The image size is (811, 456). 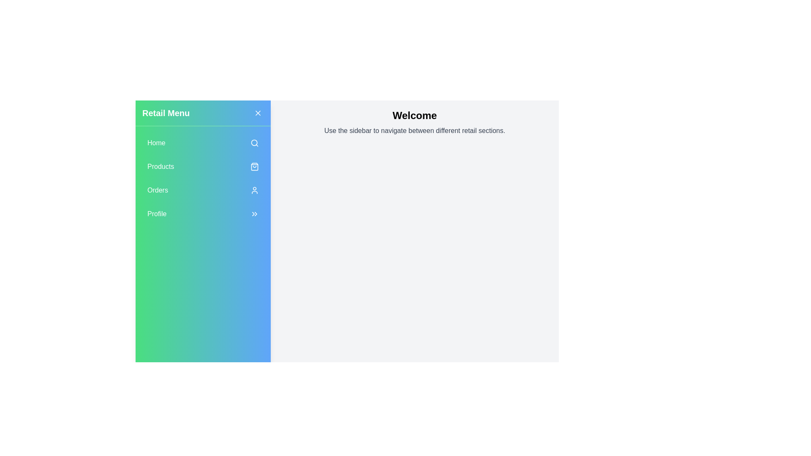 What do you see at coordinates (415, 115) in the screenshot?
I see `the bold, large-sized 'Welcome' text located at the top center of the content section` at bounding box center [415, 115].